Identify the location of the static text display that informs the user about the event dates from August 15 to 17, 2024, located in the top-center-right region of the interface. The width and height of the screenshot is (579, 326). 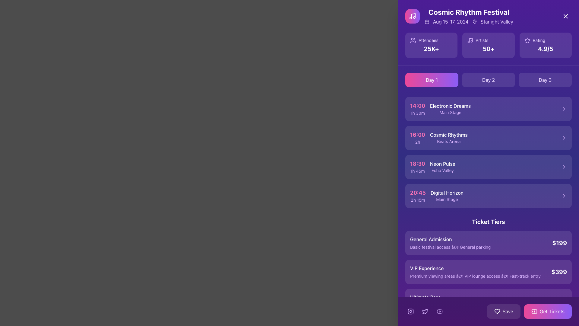
(451, 21).